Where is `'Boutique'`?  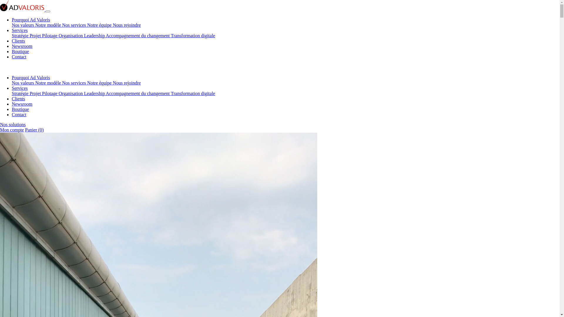 'Boutique' is located at coordinates (20, 51).